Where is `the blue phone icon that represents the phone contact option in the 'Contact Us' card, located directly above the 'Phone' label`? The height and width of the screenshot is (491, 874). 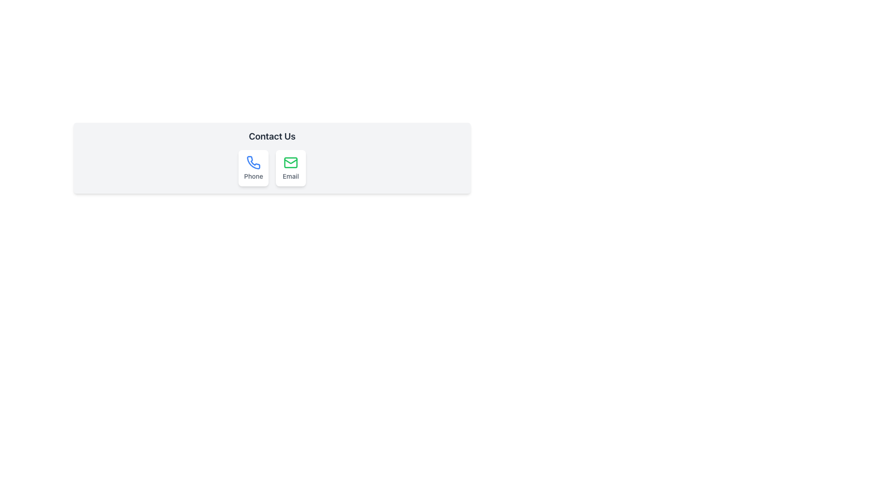
the blue phone icon that represents the phone contact option in the 'Contact Us' card, located directly above the 'Phone' label is located at coordinates (254, 162).